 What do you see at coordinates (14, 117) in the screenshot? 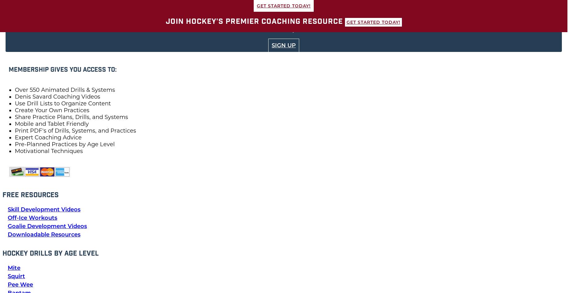
I see `'Share Practice Plans, Drills, and Systems'` at bounding box center [14, 117].